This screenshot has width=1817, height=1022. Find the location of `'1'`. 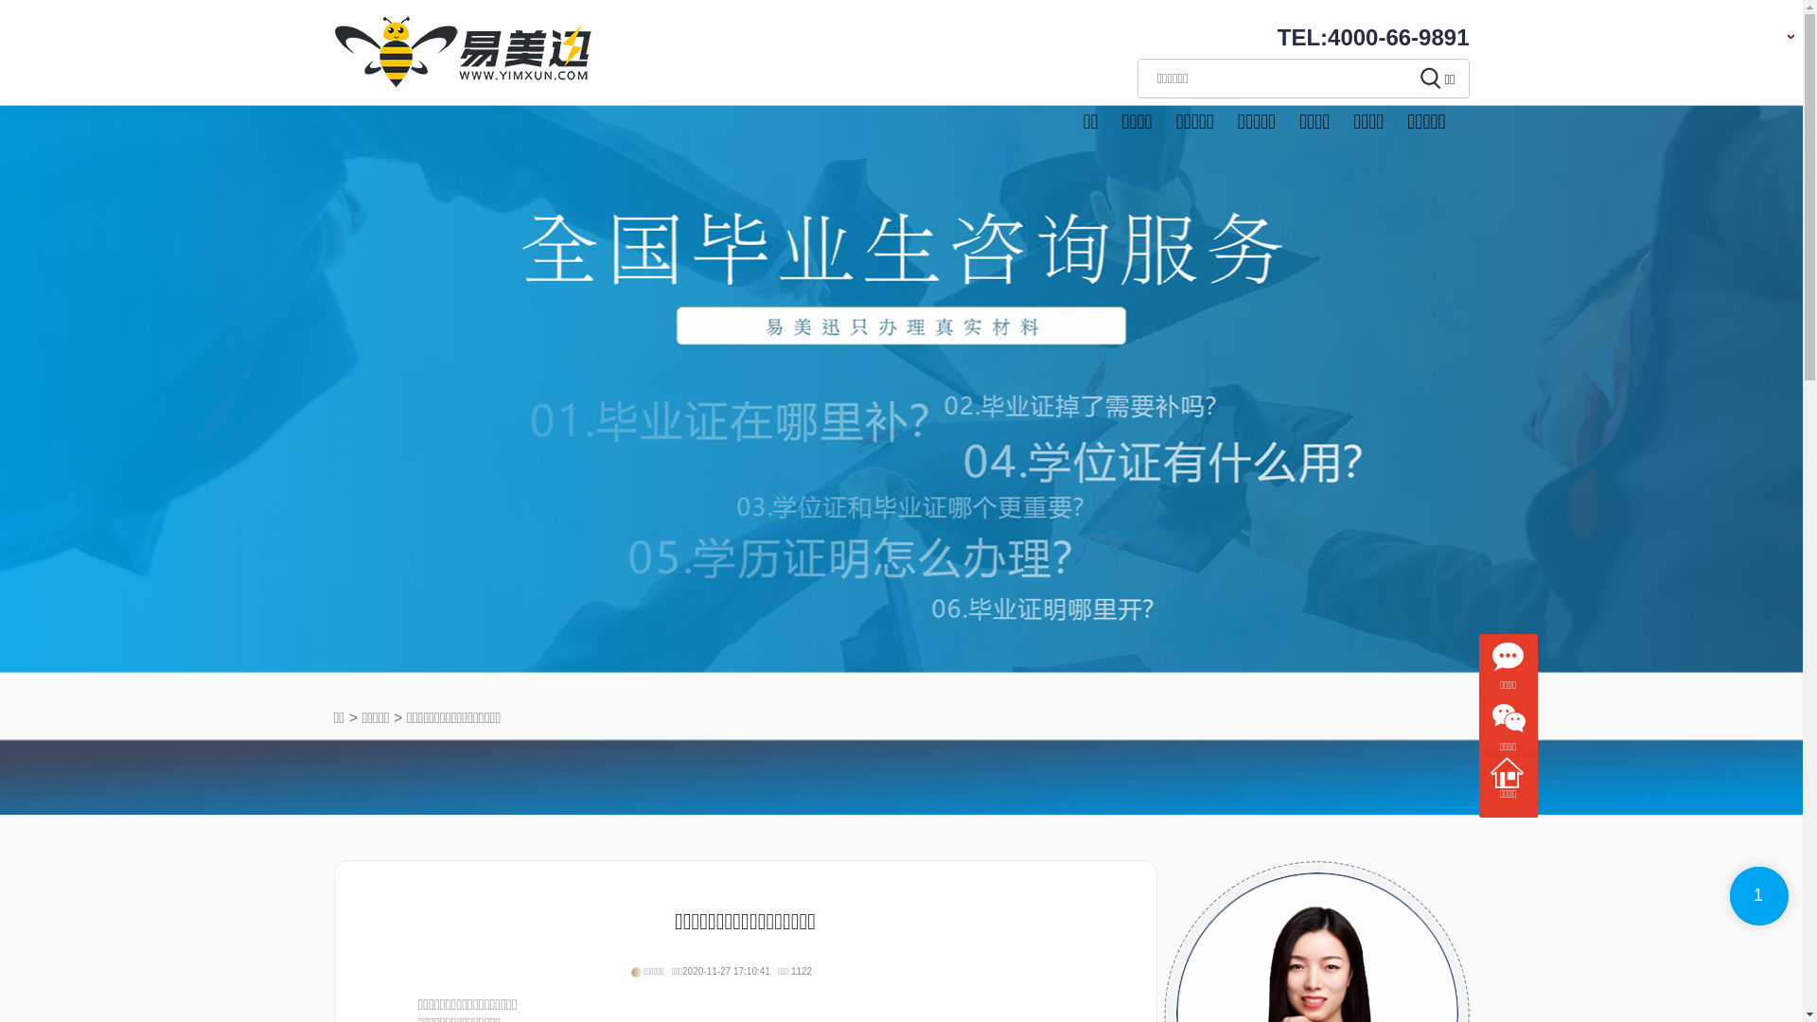

'1' is located at coordinates (1730, 895).